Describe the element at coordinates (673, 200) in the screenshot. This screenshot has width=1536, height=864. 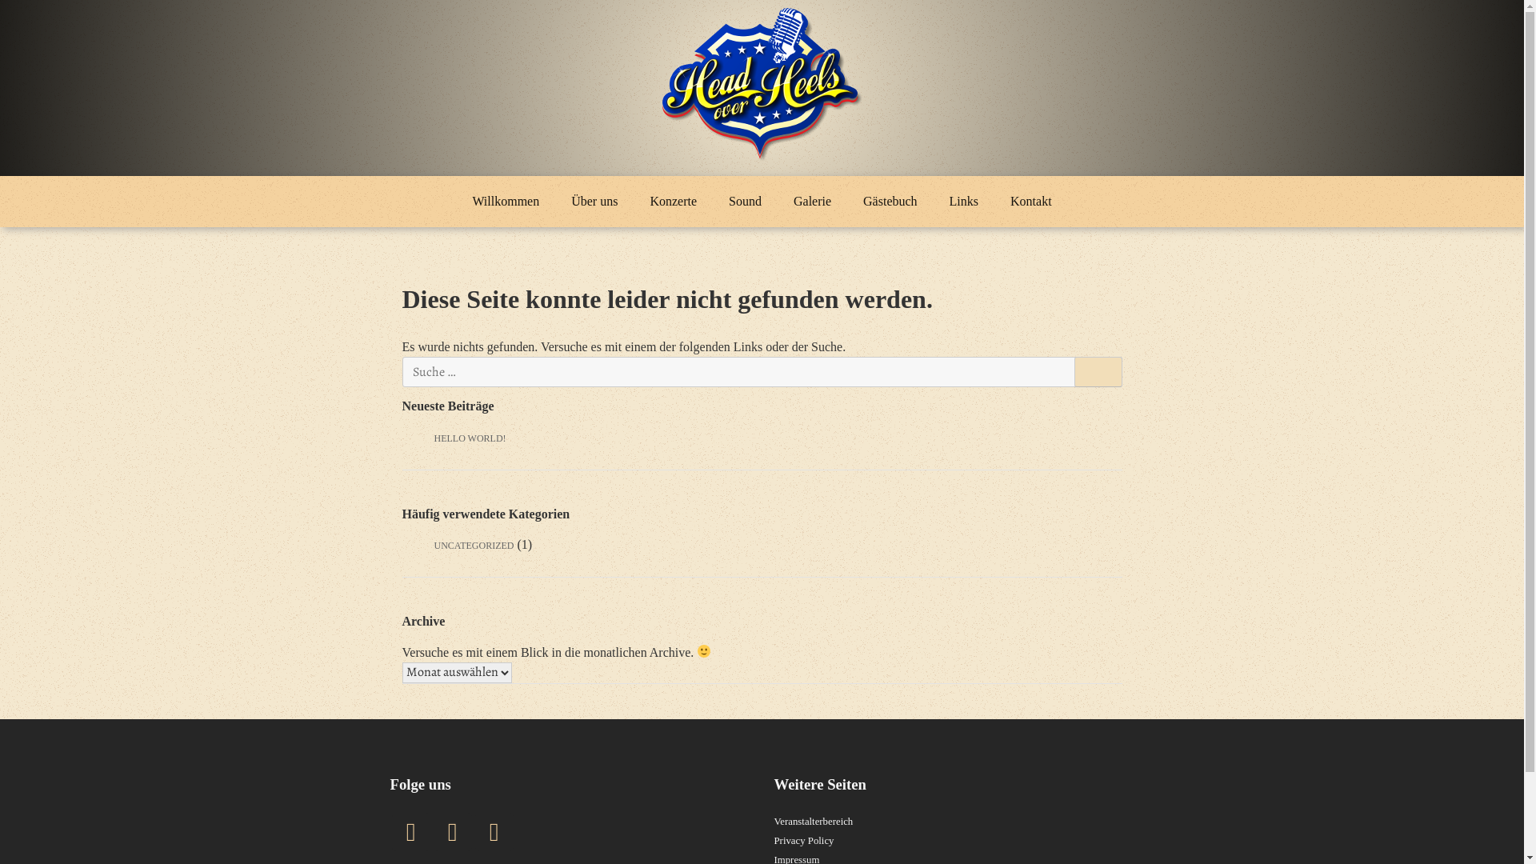
I see `'Konzerte'` at that location.